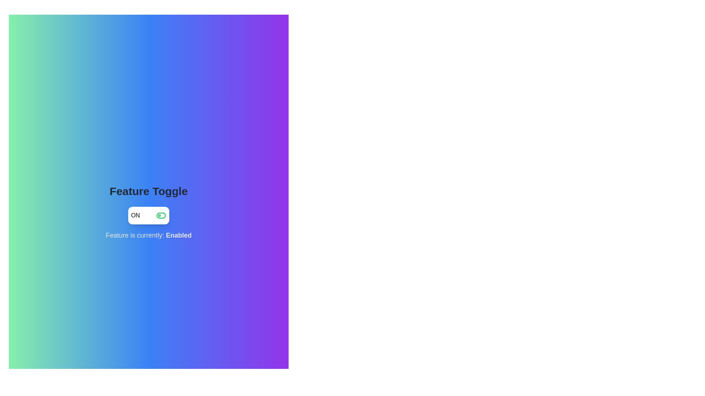 The height and width of the screenshot is (396, 705). I want to click on the toggle button to toggle the feature ON or OFF, so click(148, 215).